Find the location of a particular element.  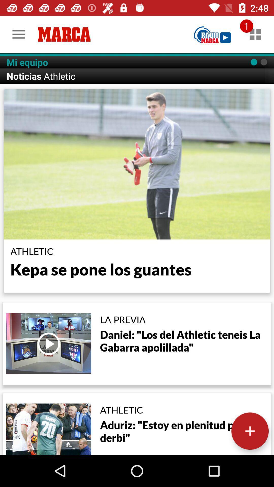

radio play option is located at coordinates (212, 34).